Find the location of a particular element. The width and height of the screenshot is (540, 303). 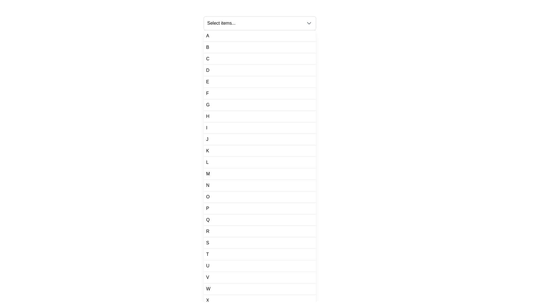

the fourth list item displaying the letter 'D' is located at coordinates (260, 70).